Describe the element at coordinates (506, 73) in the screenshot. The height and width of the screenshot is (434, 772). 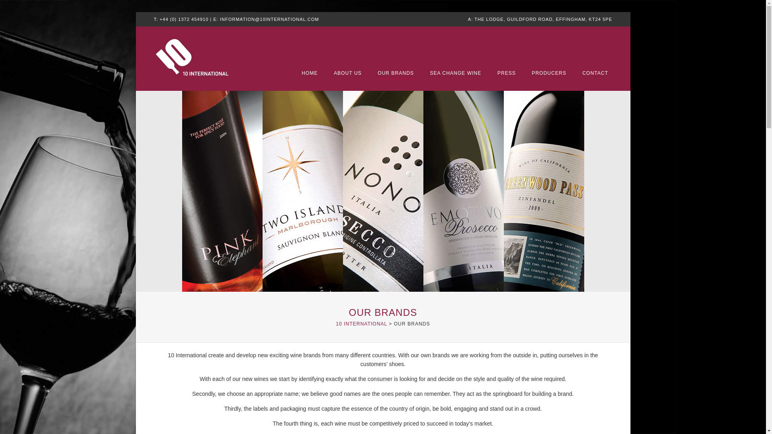
I see `'PRESS'` at that location.